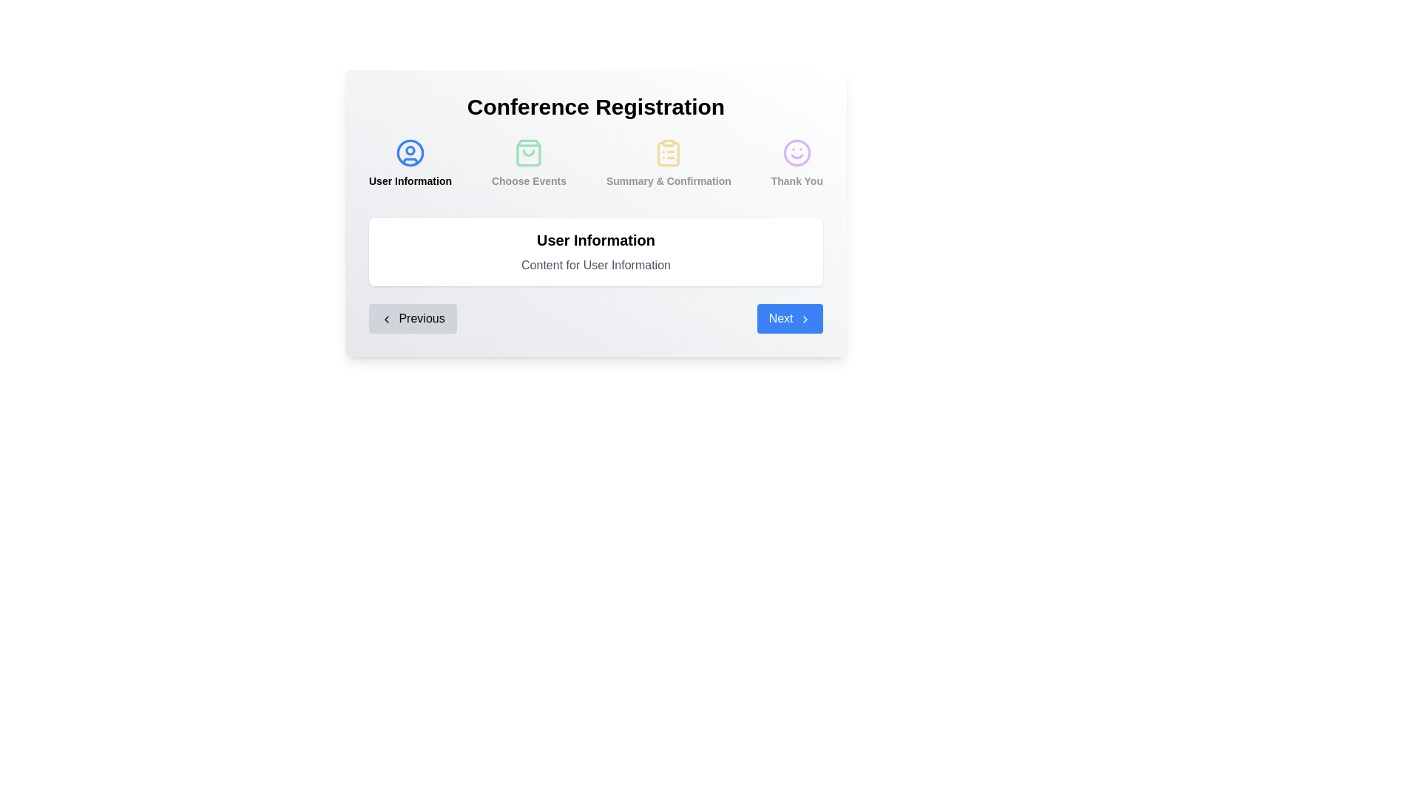  What do you see at coordinates (668, 163) in the screenshot?
I see `the yellow clipboard icon in the navigation bar` at bounding box center [668, 163].